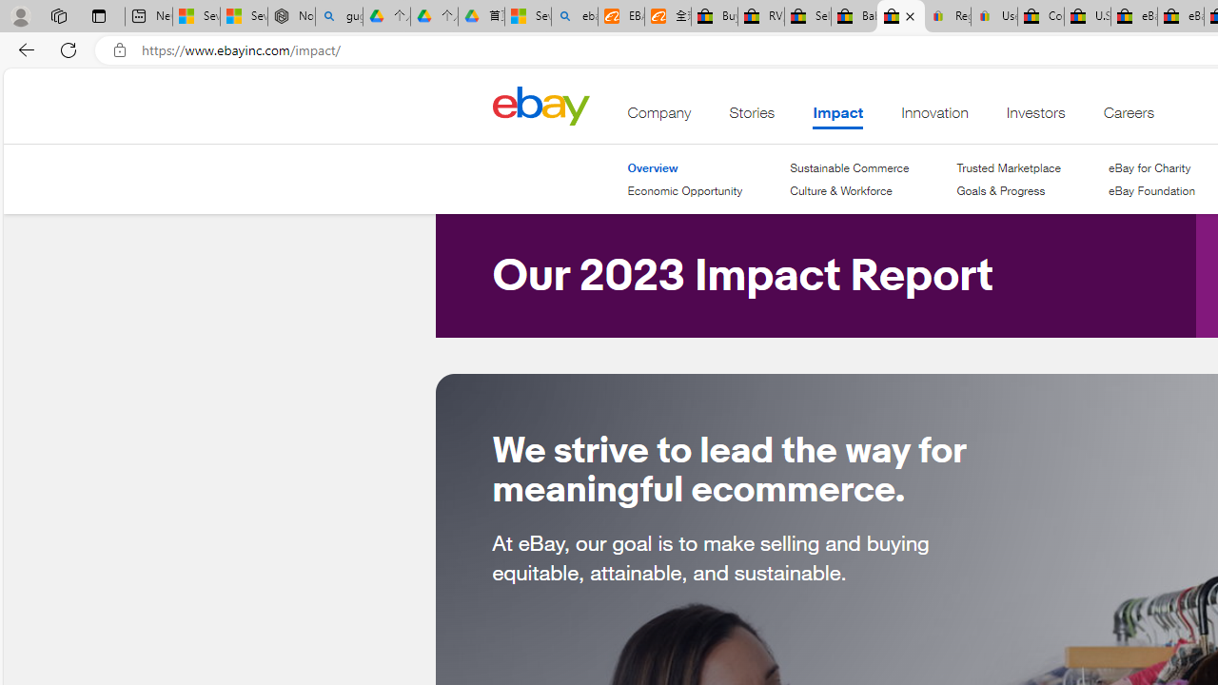 This screenshot has height=685, width=1218. I want to click on 'Trusted Marketplace', so click(1007, 167).